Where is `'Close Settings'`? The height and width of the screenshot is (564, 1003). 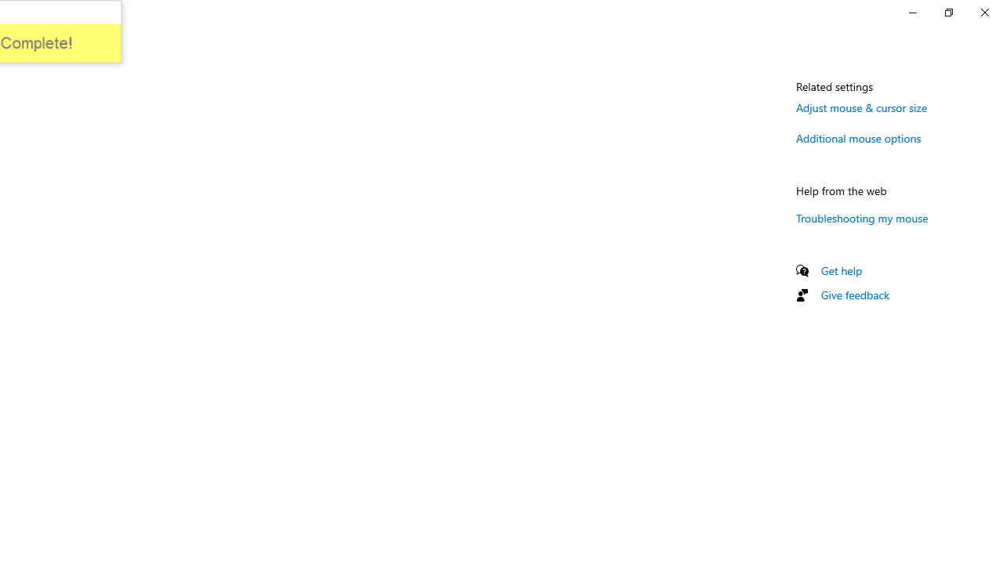 'Close Settings' is located at coordinates (983, 12).